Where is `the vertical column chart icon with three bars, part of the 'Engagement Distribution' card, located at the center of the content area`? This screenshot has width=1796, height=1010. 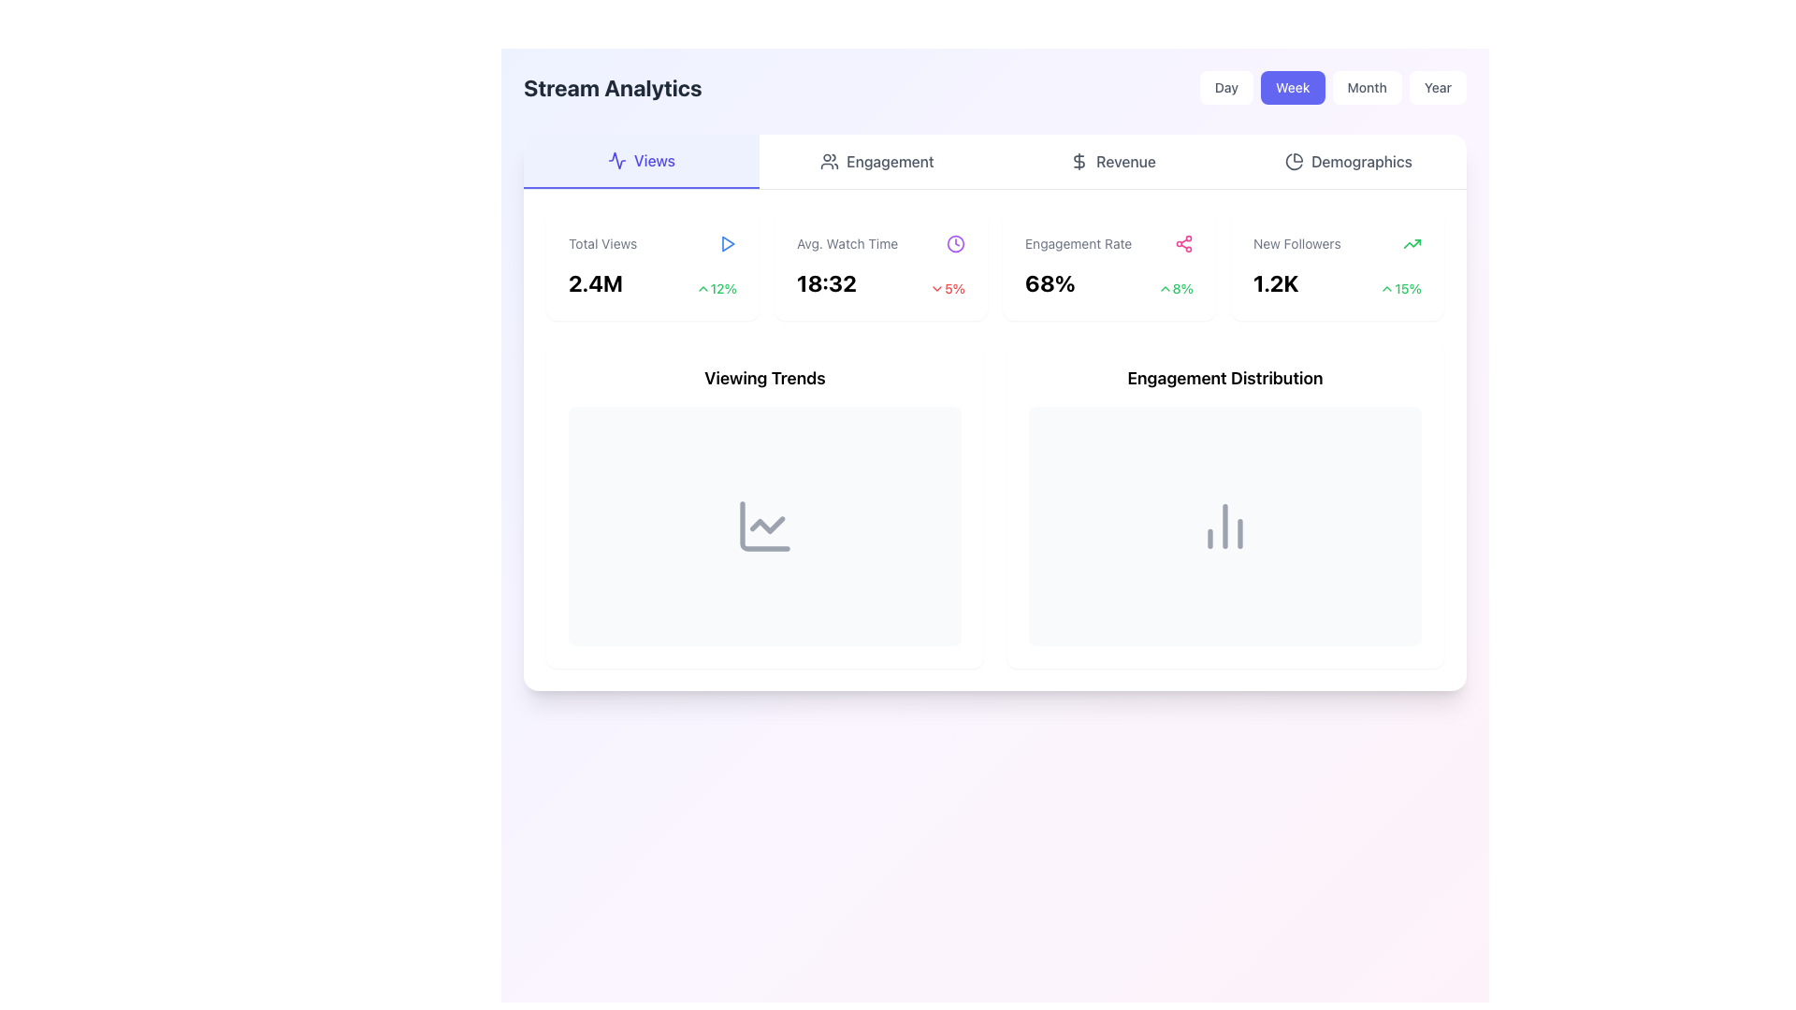 the vertical column chart icon with three bars, part of the 'Engagement Distribution' card, located at the center of the content area is located at coordinates (1225, 527).